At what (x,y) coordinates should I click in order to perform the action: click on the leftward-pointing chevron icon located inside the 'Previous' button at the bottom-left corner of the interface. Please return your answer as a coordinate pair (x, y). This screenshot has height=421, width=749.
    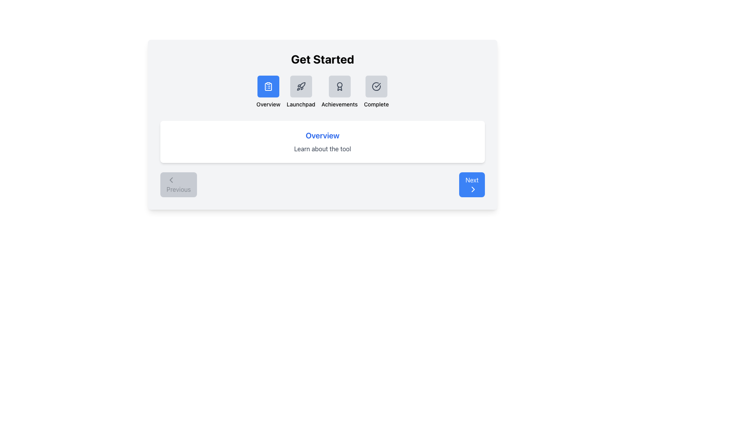
    Looking at the image, I should click on (170, 180).